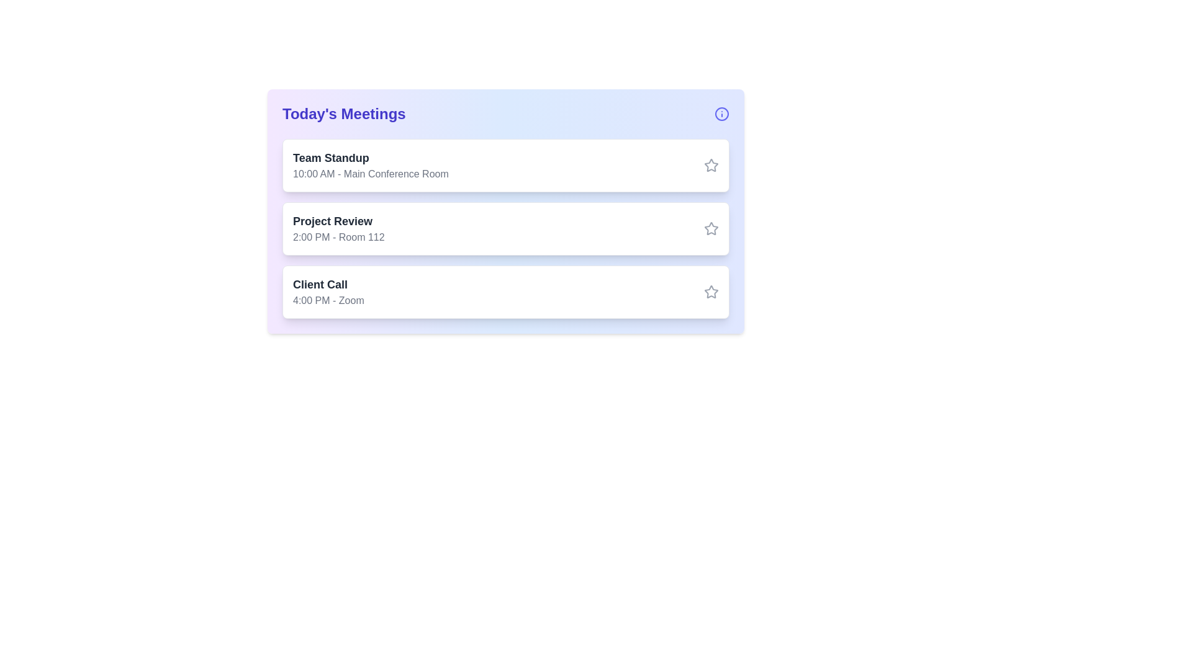 The image size is (1192, 670). I want to click on the Text label that provides information about the time and location of the first meeting under 'Today's Meetings', specifically located below the 'Team Standup' title, so click(370, 174).